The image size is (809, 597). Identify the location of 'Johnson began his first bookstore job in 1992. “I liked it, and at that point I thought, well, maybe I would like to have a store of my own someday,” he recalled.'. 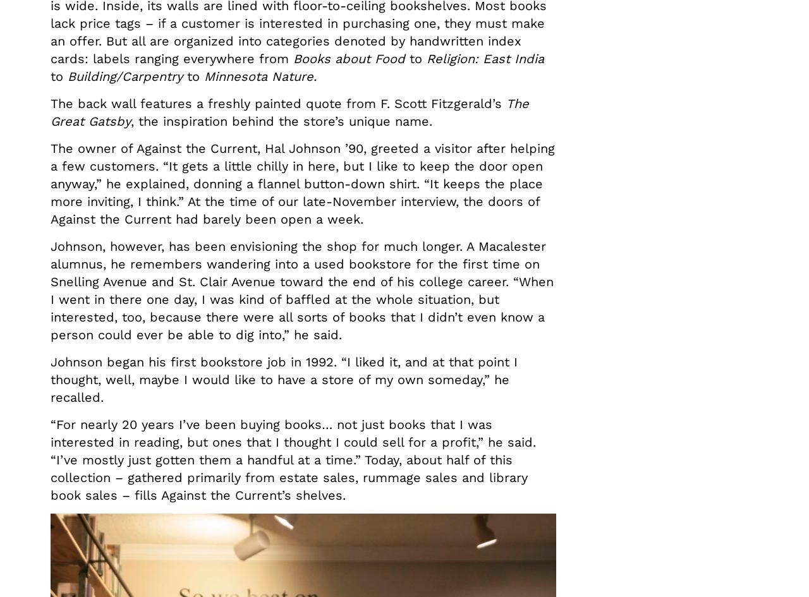
(283, 380).